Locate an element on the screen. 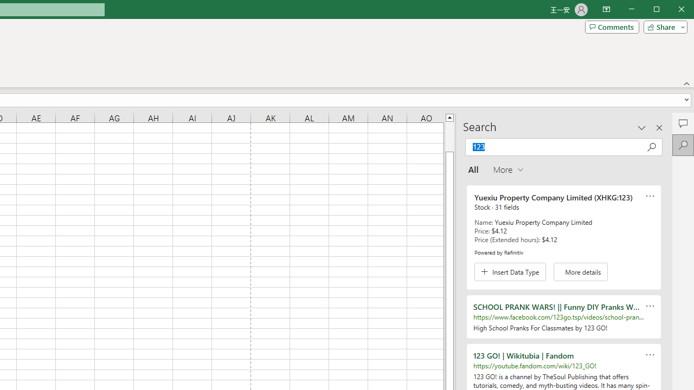 The image size is (694, 390). 'Minimize' is located at coordinates (659, 10).